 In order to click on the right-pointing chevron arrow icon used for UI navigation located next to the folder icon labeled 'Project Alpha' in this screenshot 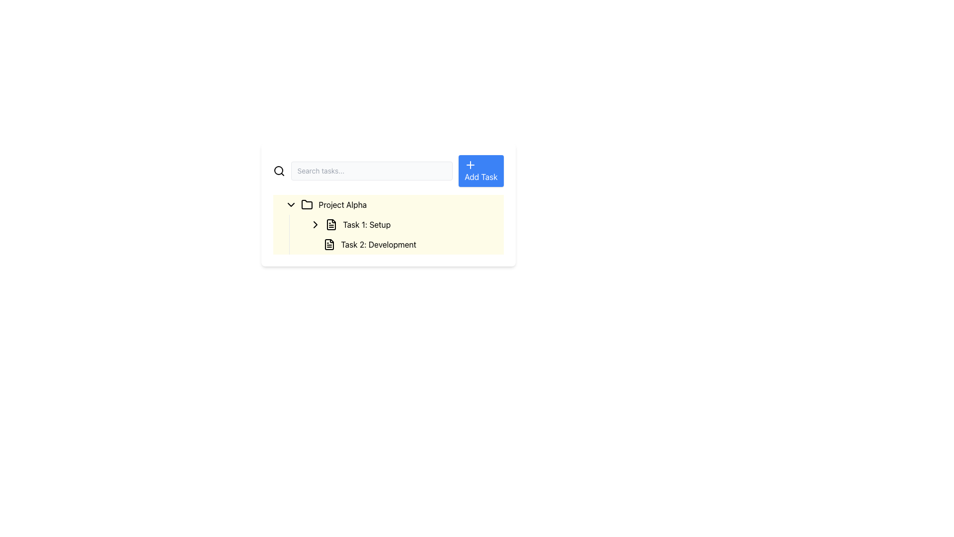, I will do `click(315, 224)`.